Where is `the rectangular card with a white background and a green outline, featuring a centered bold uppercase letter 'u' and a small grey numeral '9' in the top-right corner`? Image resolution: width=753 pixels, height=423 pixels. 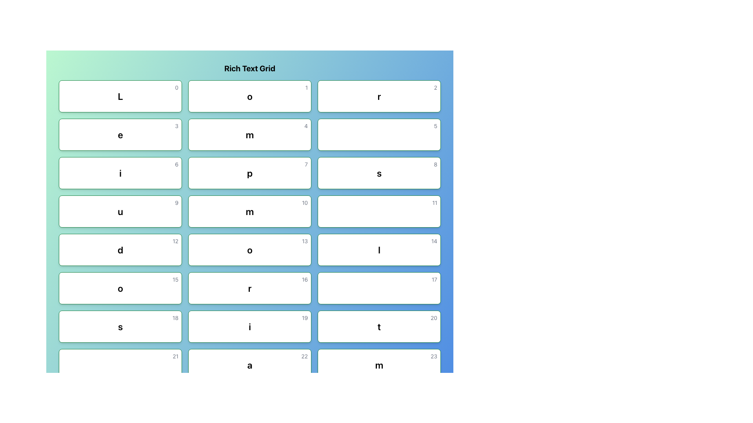 the rectangular card with a white background and a green outline, featuring a centered bold uppercase letter 'u' and a small grey numeral '9' in the top-right corner is located at coordinates (120, 211).